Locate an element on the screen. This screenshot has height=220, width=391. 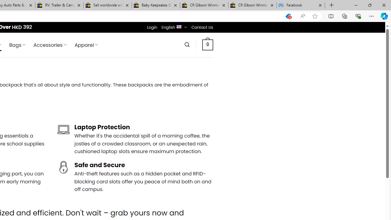
'Login' is located at coordinates (152, 27).